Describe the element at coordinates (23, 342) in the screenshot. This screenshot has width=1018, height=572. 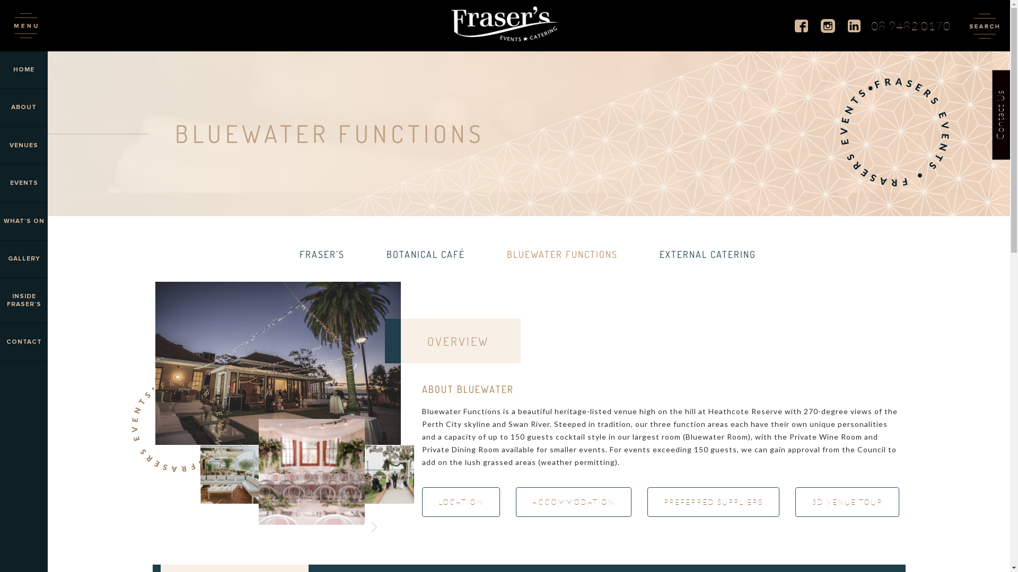
I see `'CONTACT'` at that location.